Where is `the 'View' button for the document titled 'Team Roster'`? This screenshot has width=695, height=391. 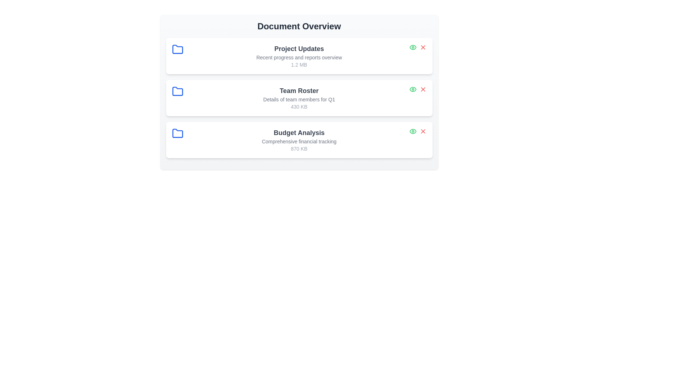 the 'View' button for the document titled 'Team Roster' is located at coordinates (413, 89).